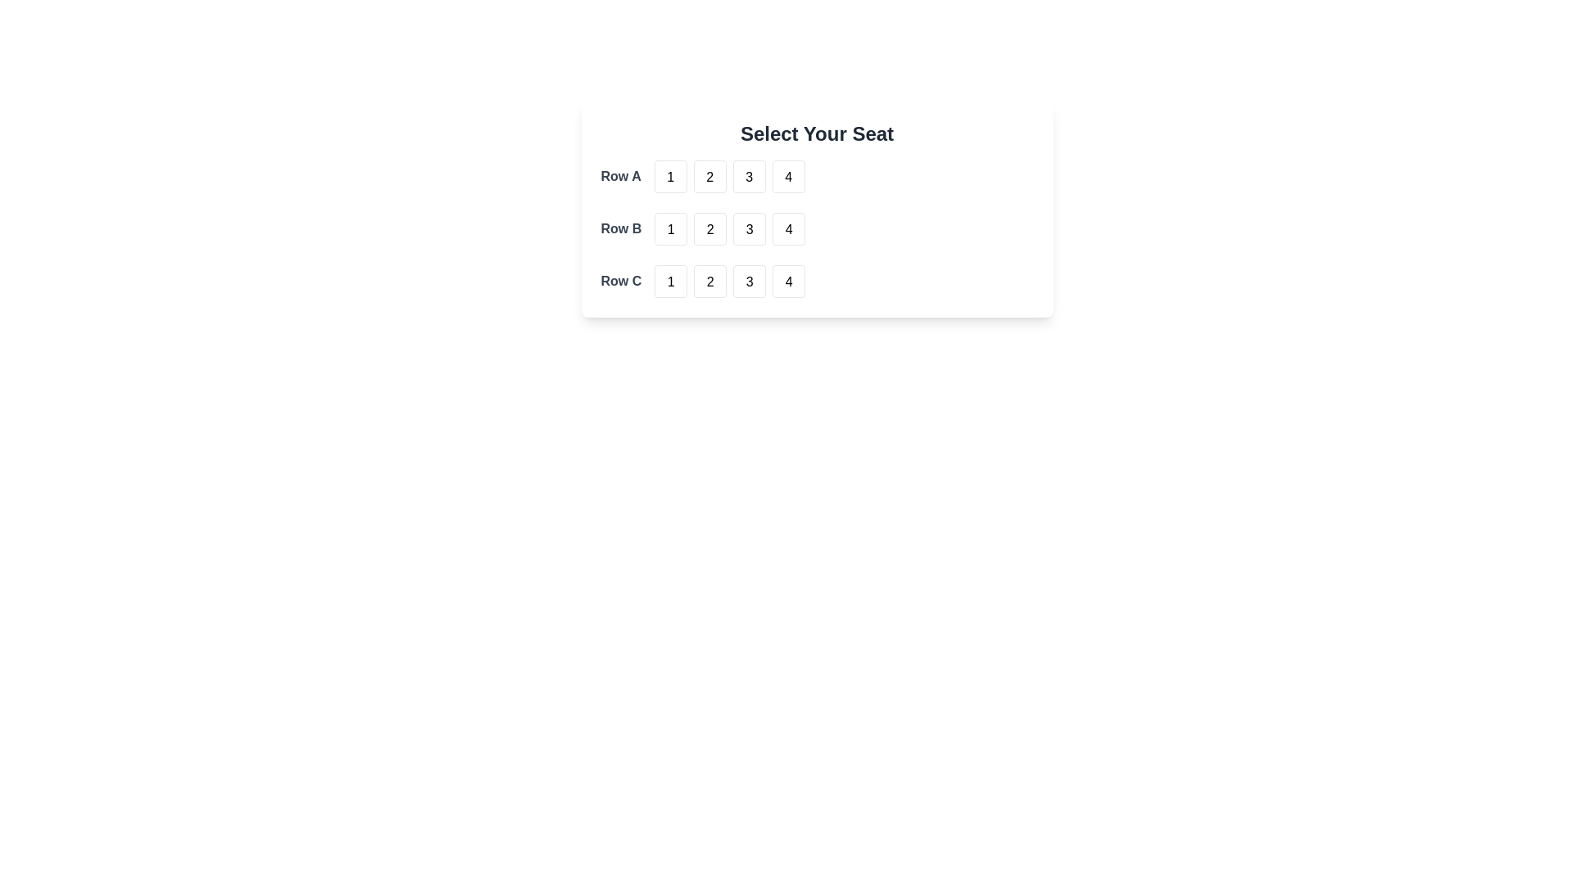  I want to click on one of the interactive buttons within the seating selection interface titled 'Select Your Seat', so click(817, 208).